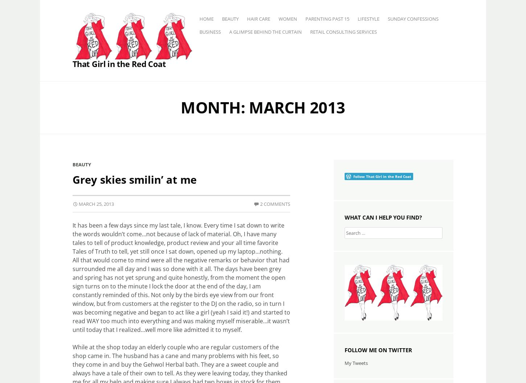 This screenshot has width=526, height=383. What do you see at coordinates (297, 107) in the screenshot?
I see `'March 2013'` at bounding box center [297, 107].